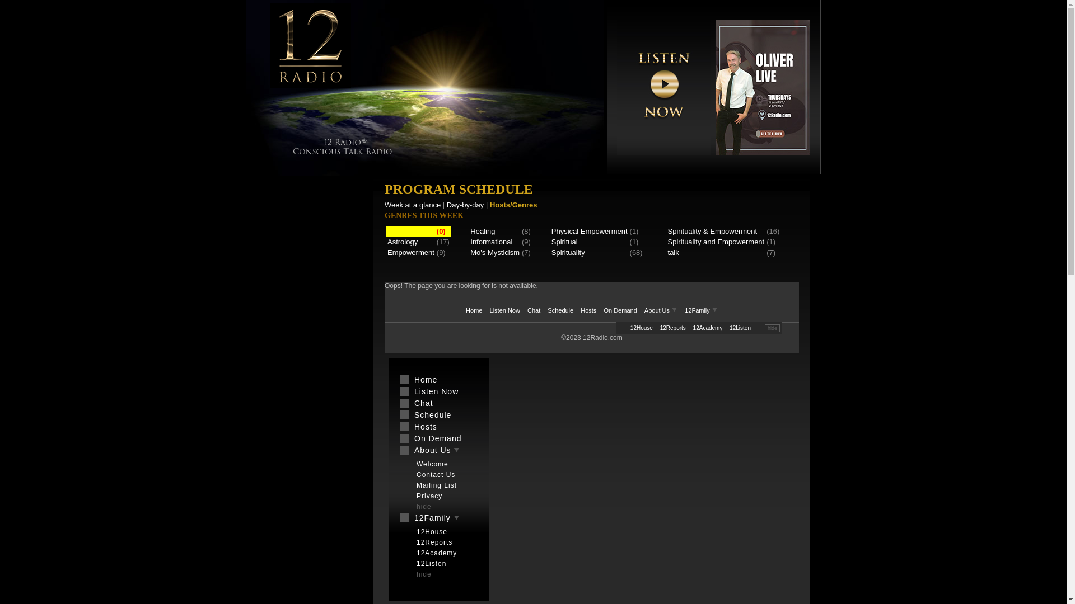  Describe the element at coordinates (668, 252) in the screenshot. I see `'talk'` at that location.